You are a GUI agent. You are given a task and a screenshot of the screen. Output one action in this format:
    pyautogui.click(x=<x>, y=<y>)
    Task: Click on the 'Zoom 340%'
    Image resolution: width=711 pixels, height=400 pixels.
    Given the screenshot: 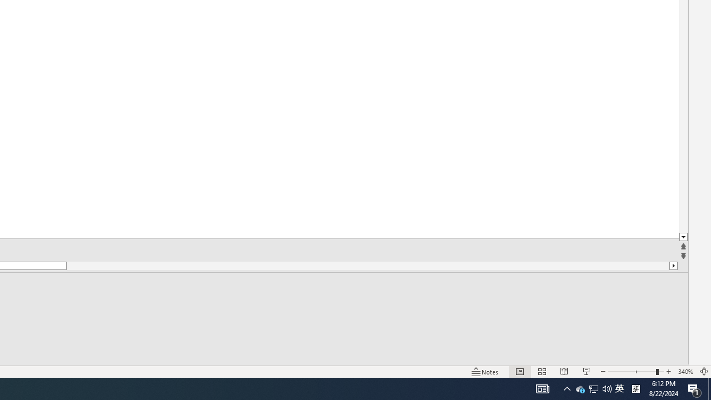 What is the action you would take?
    pyautogui.click(x=685, y=372)
    